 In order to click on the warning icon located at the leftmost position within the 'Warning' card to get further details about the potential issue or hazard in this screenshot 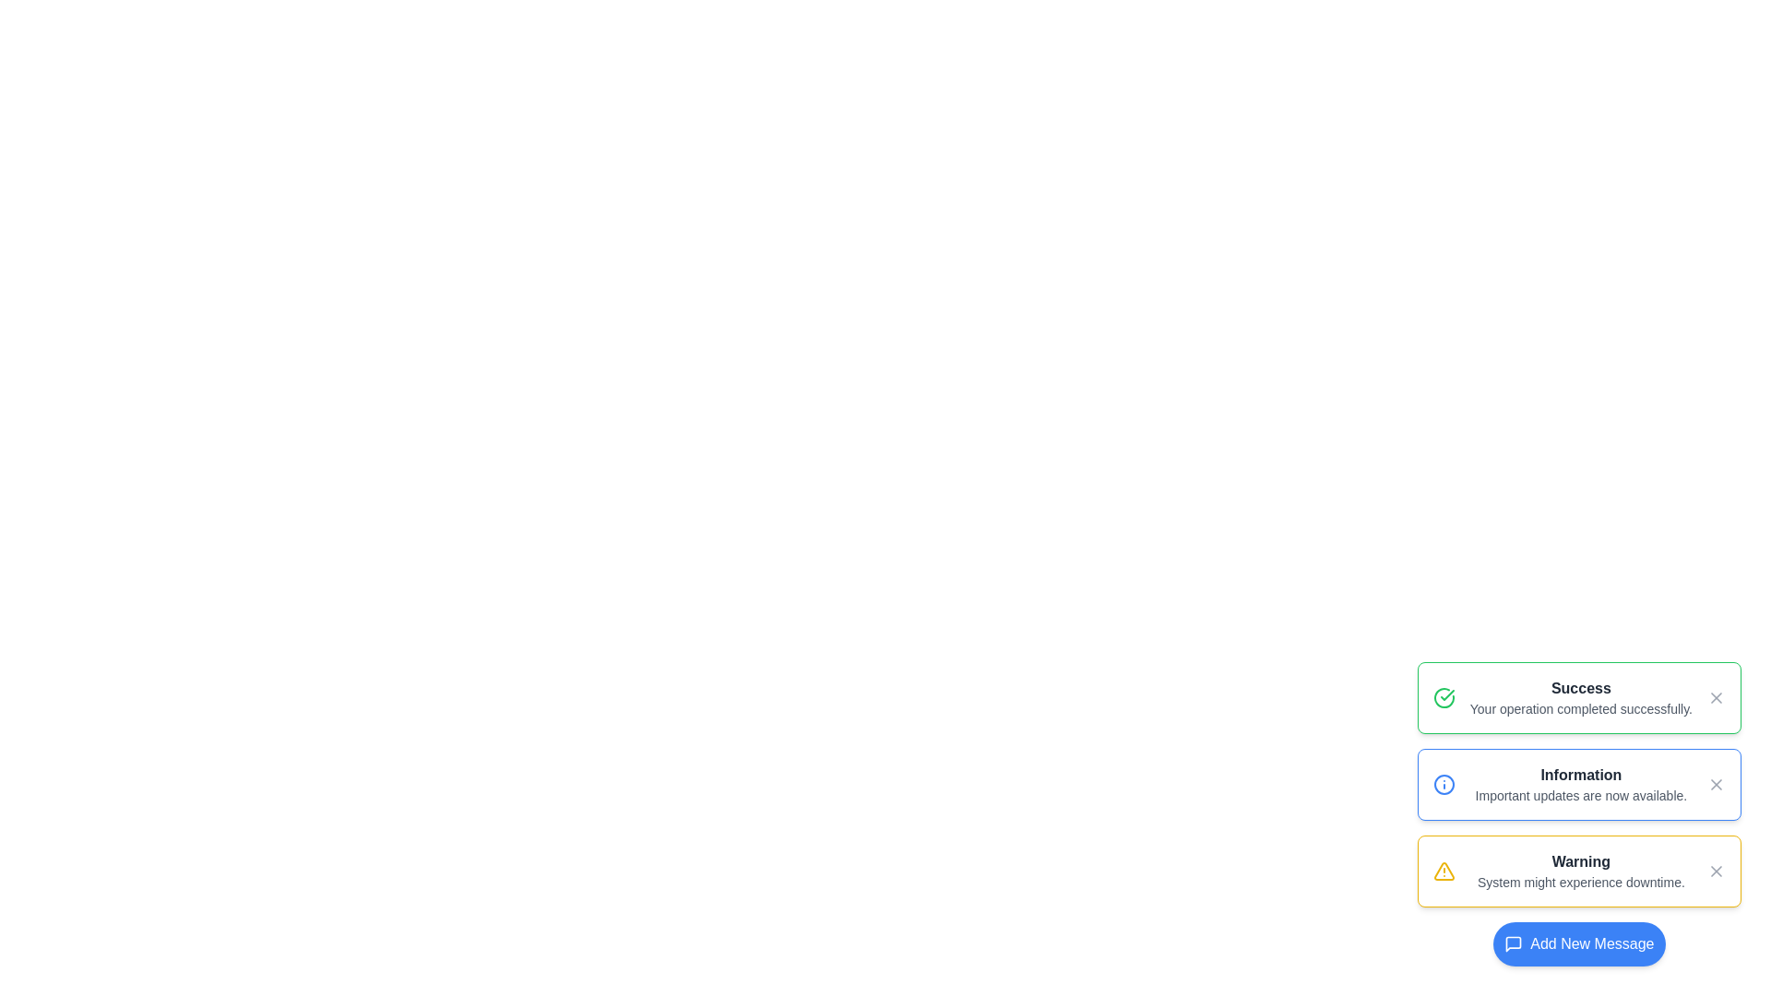, I will do `click(1443, 871)`.